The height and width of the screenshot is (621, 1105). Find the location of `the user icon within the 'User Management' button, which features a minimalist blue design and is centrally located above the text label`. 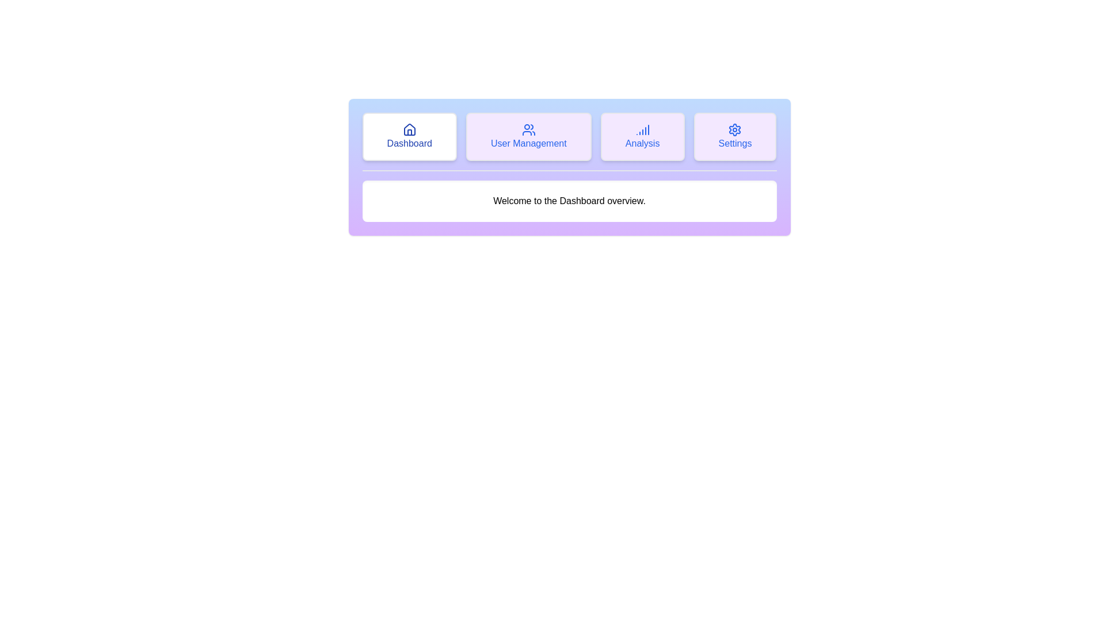

the user icon within the 'User Management' button, which features a minimalist blue design and is centrally located above the text label is located at coordinates (528, 129).